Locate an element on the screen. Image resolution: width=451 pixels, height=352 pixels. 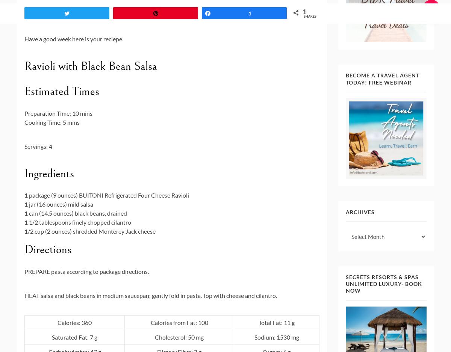
'Become A Travel Agent Today! Free Webinar' is located at coordinates (382, 79).